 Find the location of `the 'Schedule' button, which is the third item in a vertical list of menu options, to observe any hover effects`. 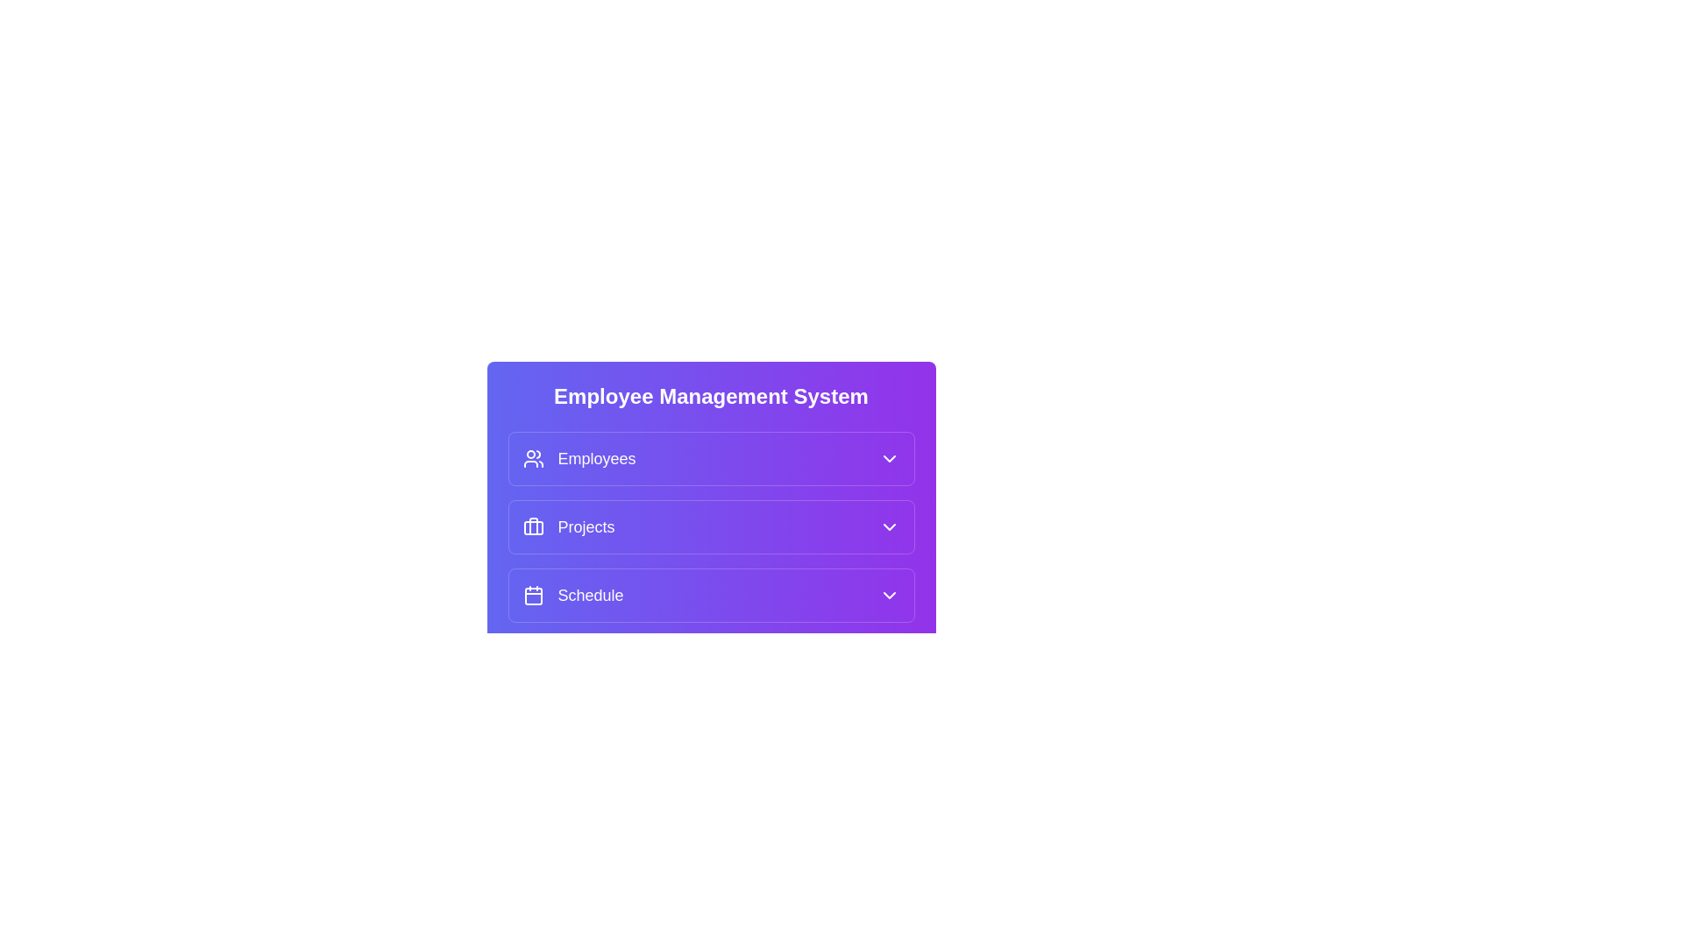

the 'Schedule' button, which is the third item in a vertical list of menu options, to observe any hover effects is located at coordinates (711, 594).